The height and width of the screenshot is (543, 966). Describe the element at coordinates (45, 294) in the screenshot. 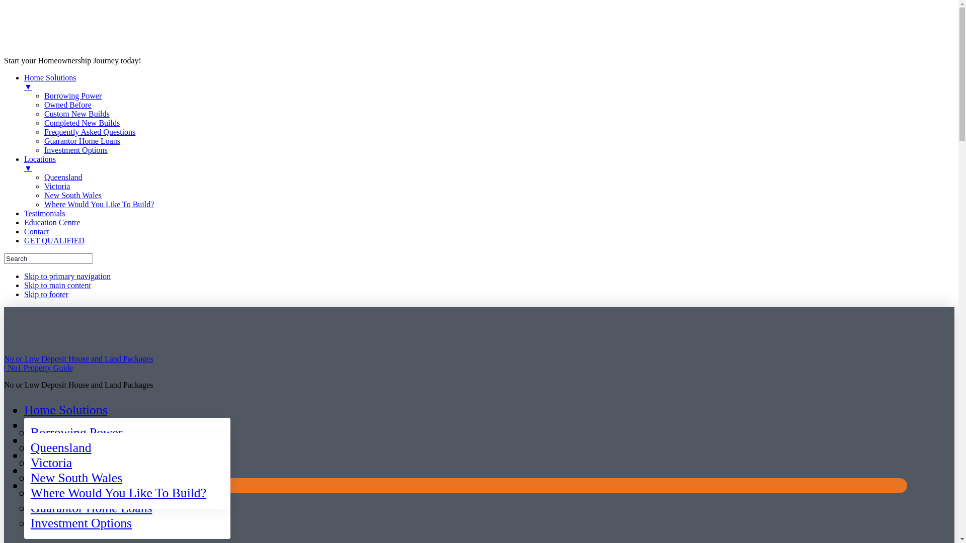

I see `'Skip to footer'` at that location.